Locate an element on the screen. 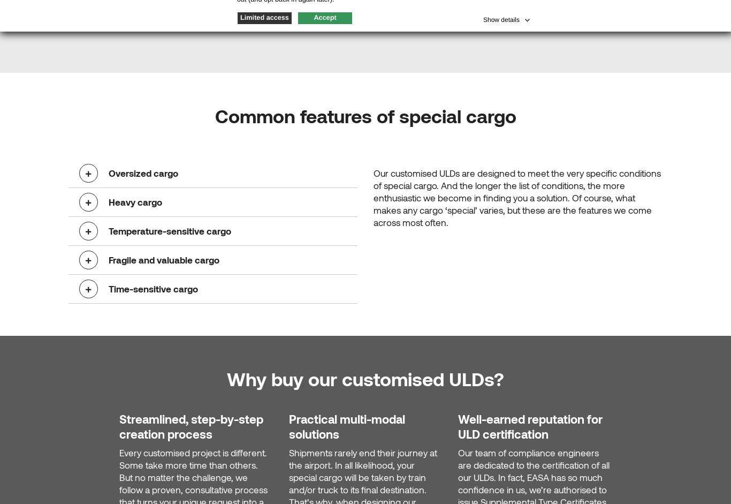 The image size is (731, 504). 'Time-sensitive cargo' is located at coordinates (153, 288).